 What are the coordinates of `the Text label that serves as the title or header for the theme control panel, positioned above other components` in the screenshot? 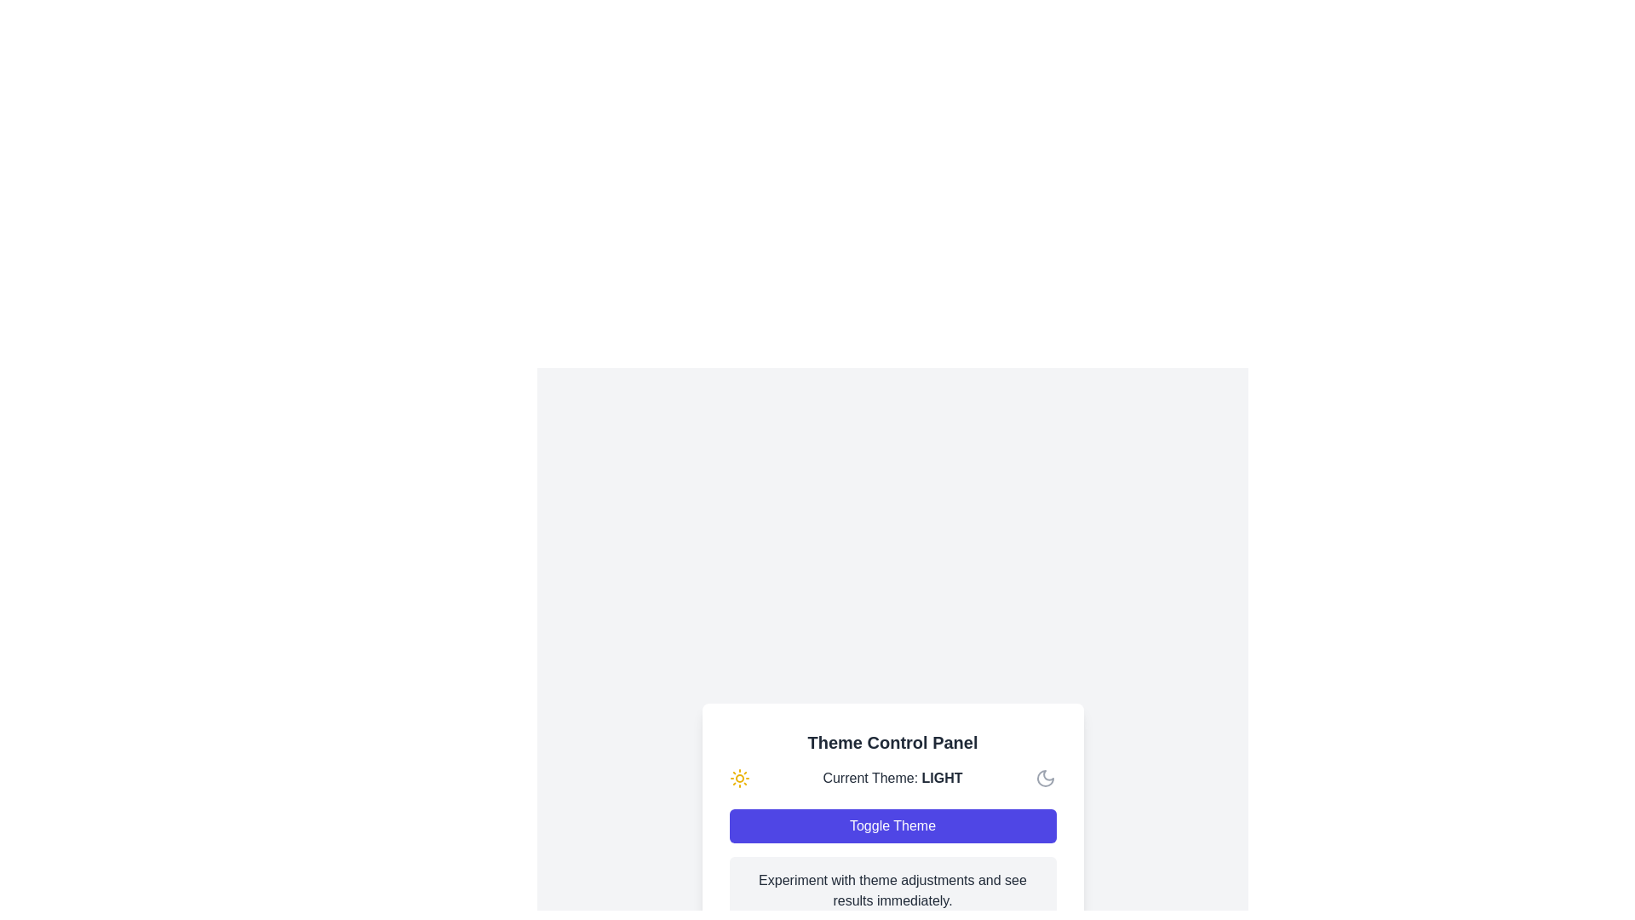 It's located at (892, 741).